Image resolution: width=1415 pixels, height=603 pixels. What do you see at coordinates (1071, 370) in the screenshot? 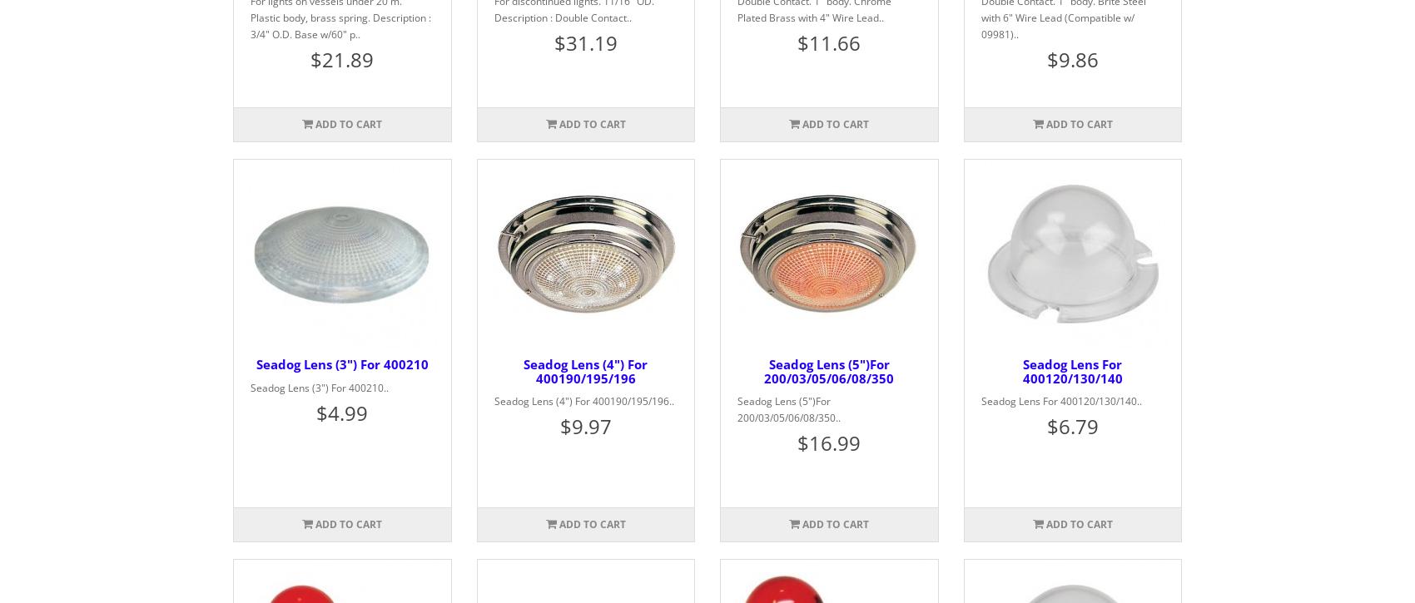
I see `'Seadog Lens For 400120/130/140'` at bounding box center [1071, 370].